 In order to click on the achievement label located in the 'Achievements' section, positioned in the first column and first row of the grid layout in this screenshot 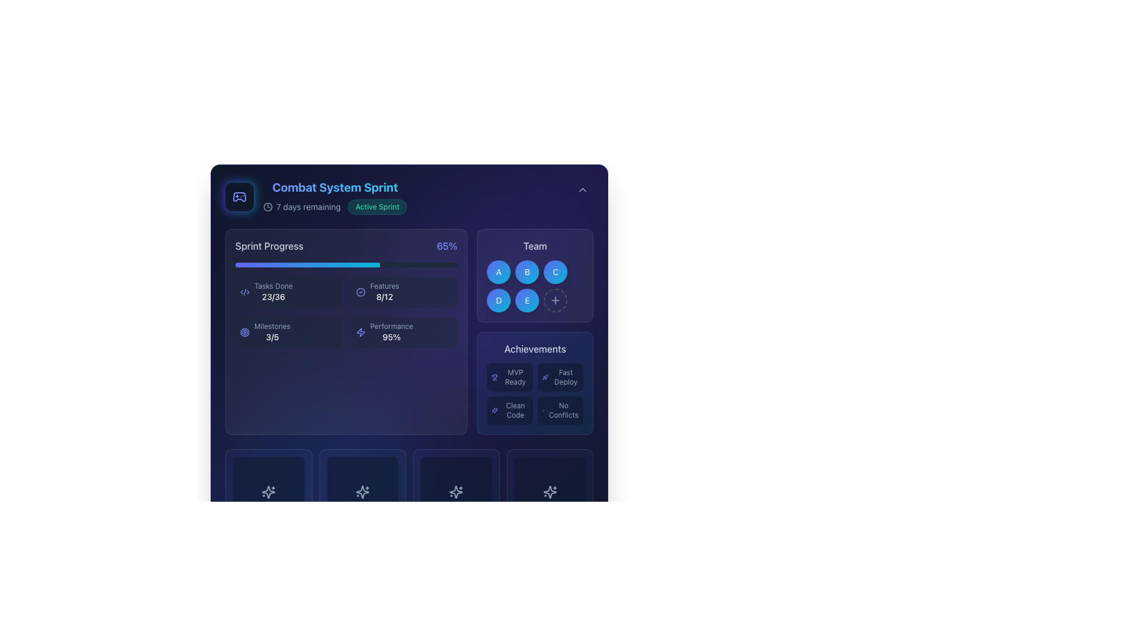, I will do `click(515, 377)`.